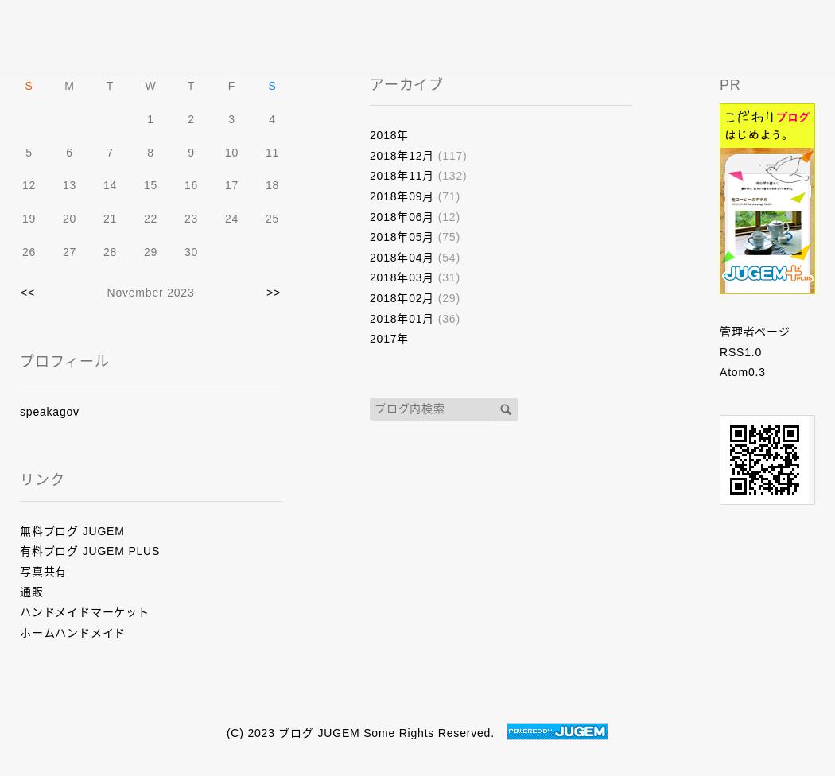 The height and width of the screenshot is (776, 835). Describe the element at coordinates (446, 195) in the screenshot. I see `'(71)'` at that location.